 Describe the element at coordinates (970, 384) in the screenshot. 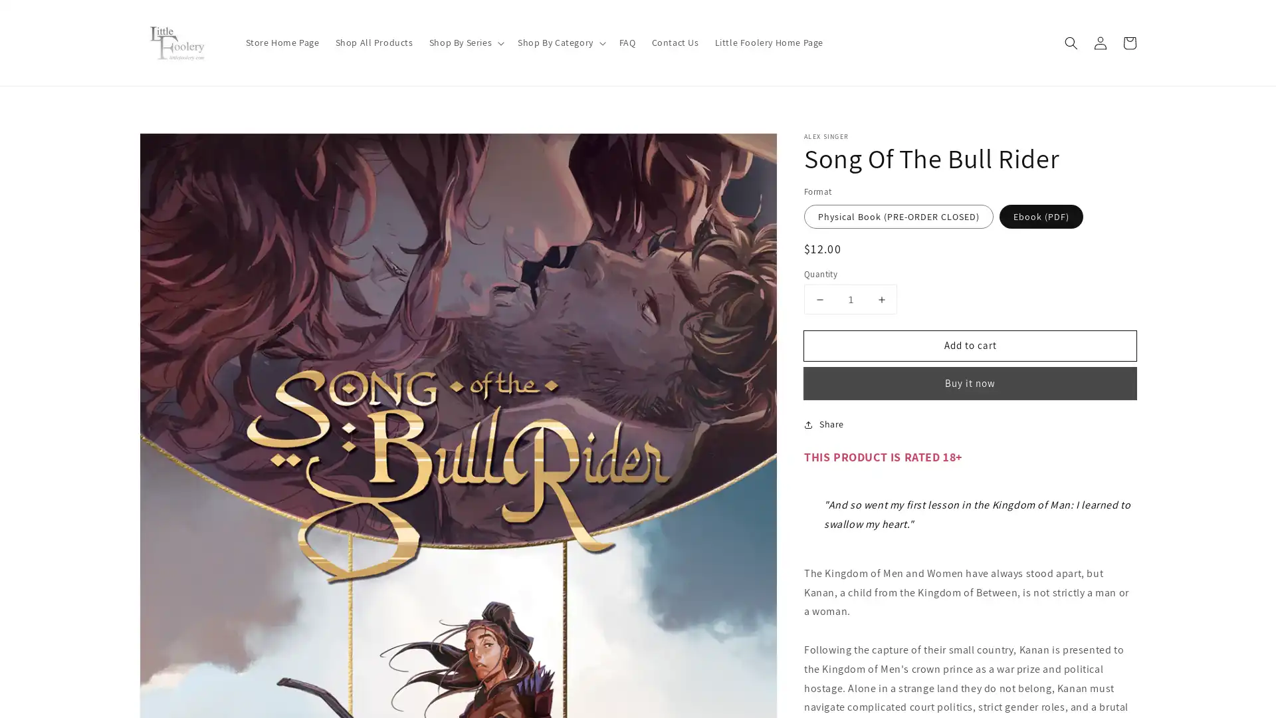

I see `Buy it now` at that location.